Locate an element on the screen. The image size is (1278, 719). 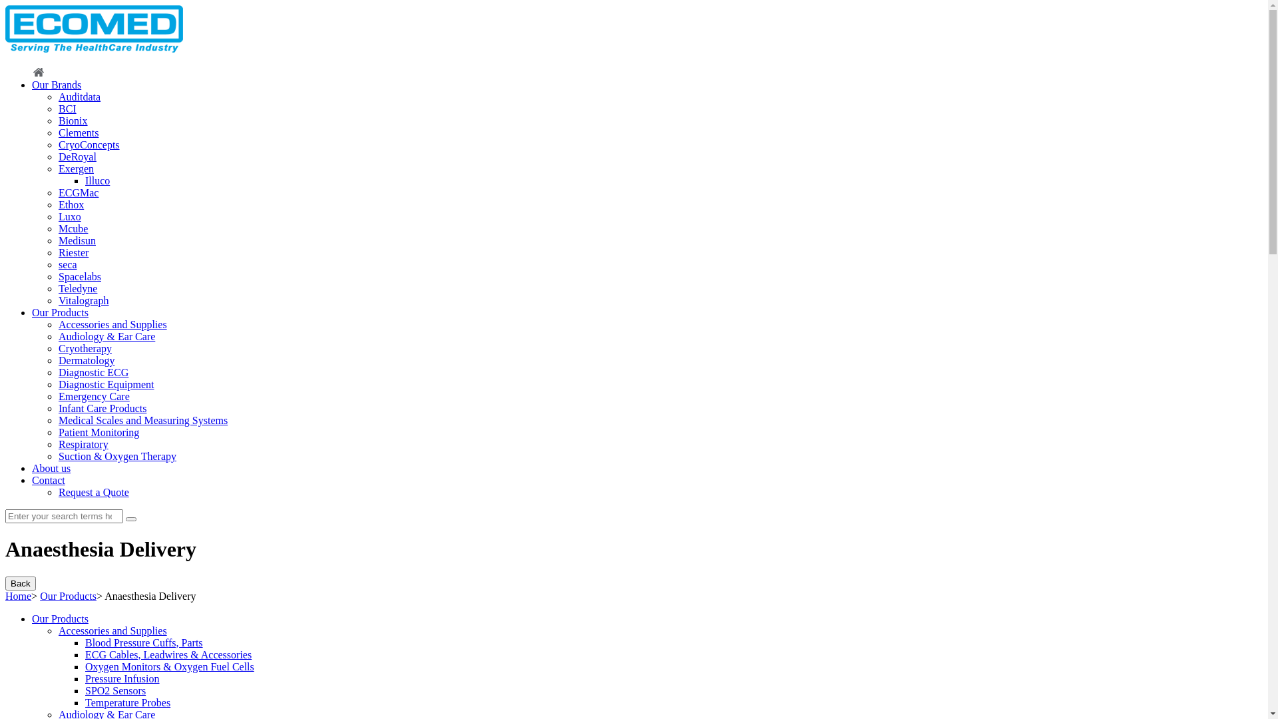
'Teledyne' is located at coordinates (77, 288).